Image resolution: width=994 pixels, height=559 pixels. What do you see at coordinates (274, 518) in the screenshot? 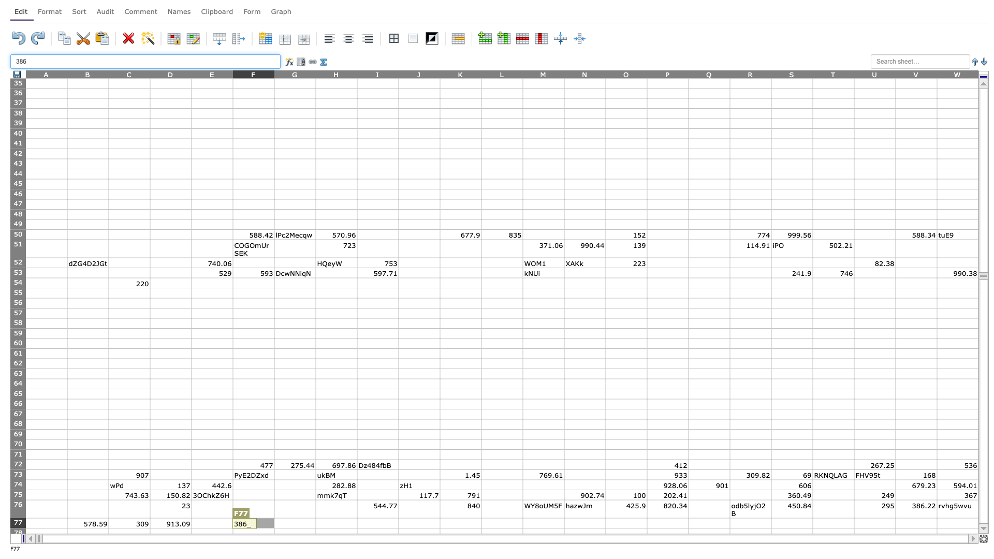
I see `top left at column G row 77` at bounding box center [274, 518].